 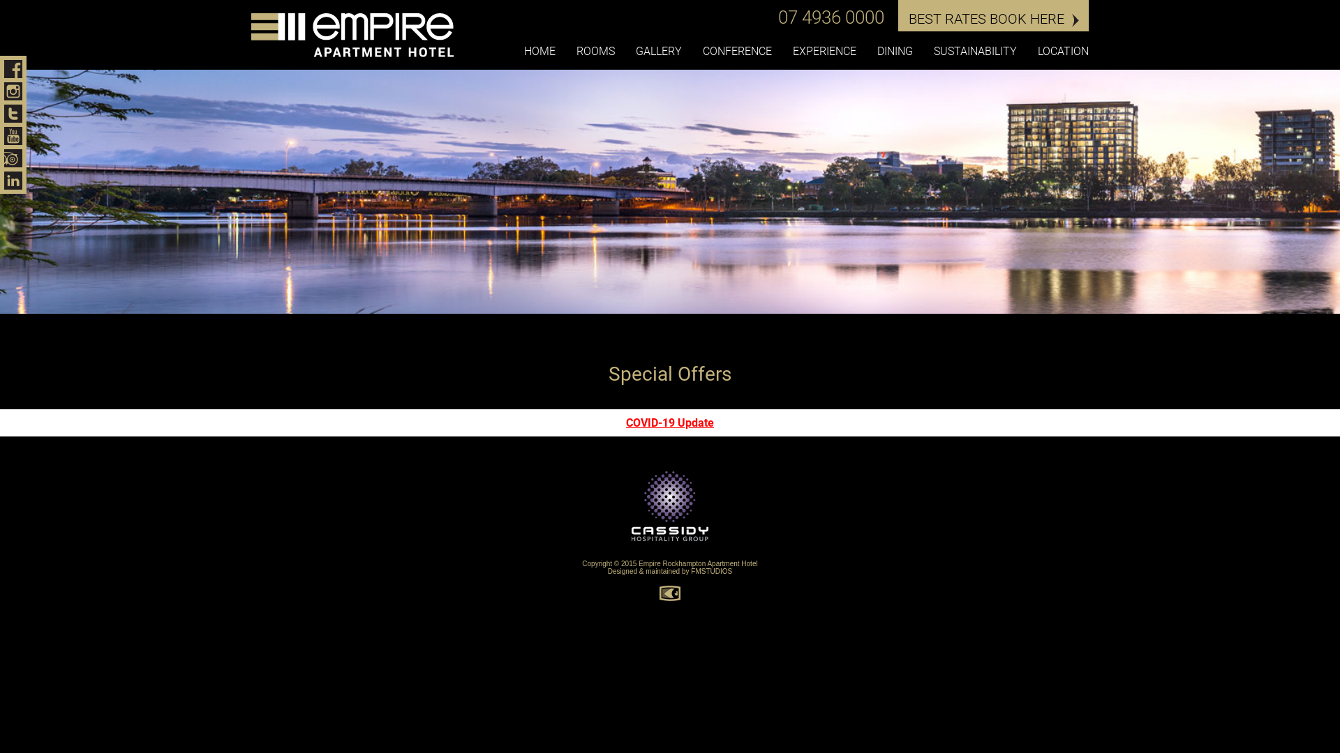 What do you see at coordinates (824, 51) in the screenshot?
I see `'EXPERIENCE'` at bounding box center [824, 51].